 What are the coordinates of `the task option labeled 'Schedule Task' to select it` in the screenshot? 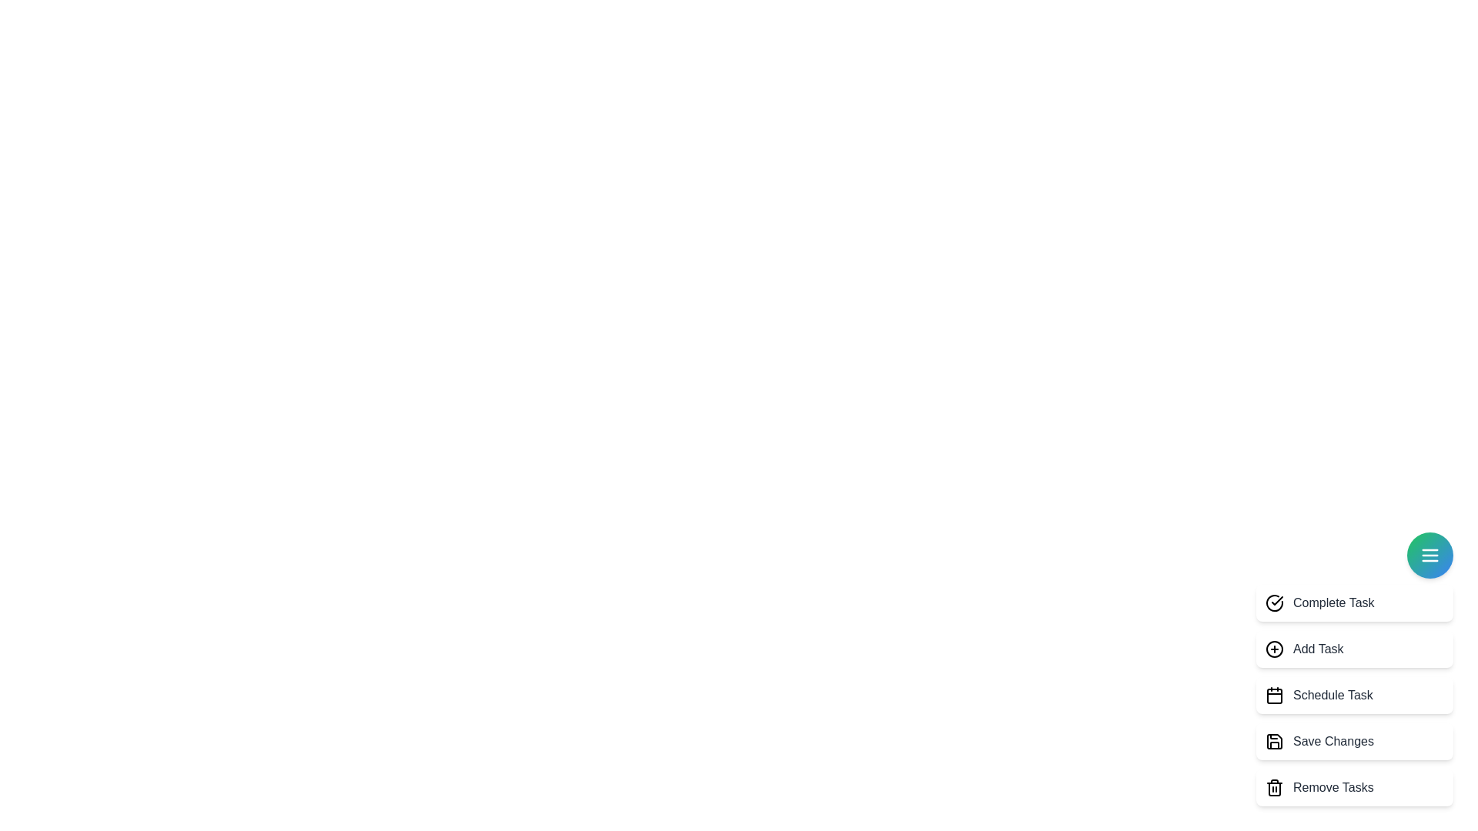 It's located at (1355, 695).